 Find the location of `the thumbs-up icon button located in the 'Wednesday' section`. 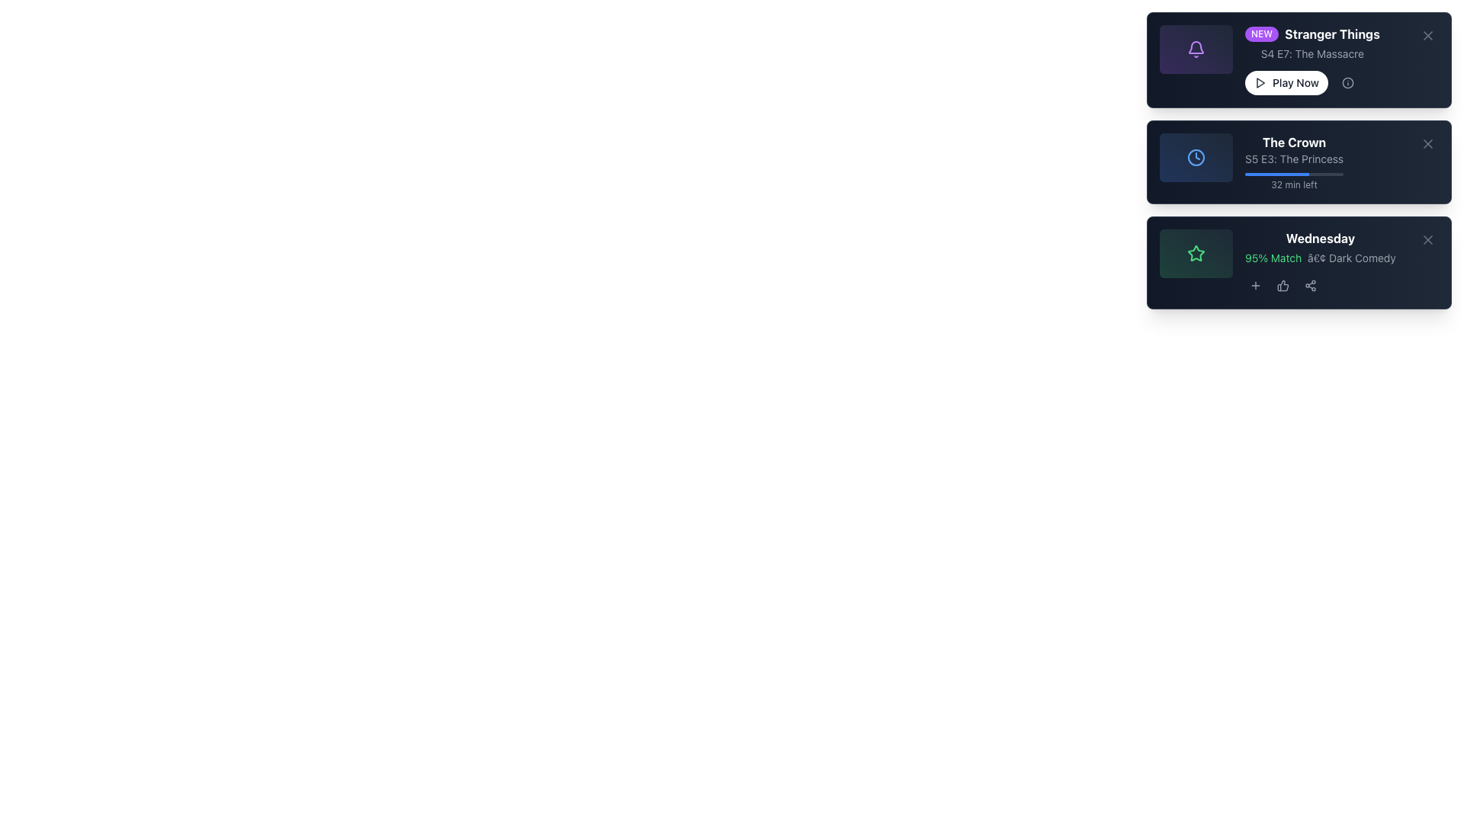

the thumbs-up icon button located in the 'Wednesday' section is located at coordinates (1282, 285).